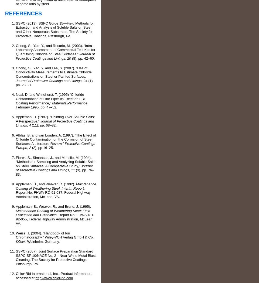 The height and width of the screenshot is (283, 259). What do you see at coordinates (55, 145) in the screenshot?
I see `'Protective  Coatings Europe, 2'` at bounding box center [55, 145].